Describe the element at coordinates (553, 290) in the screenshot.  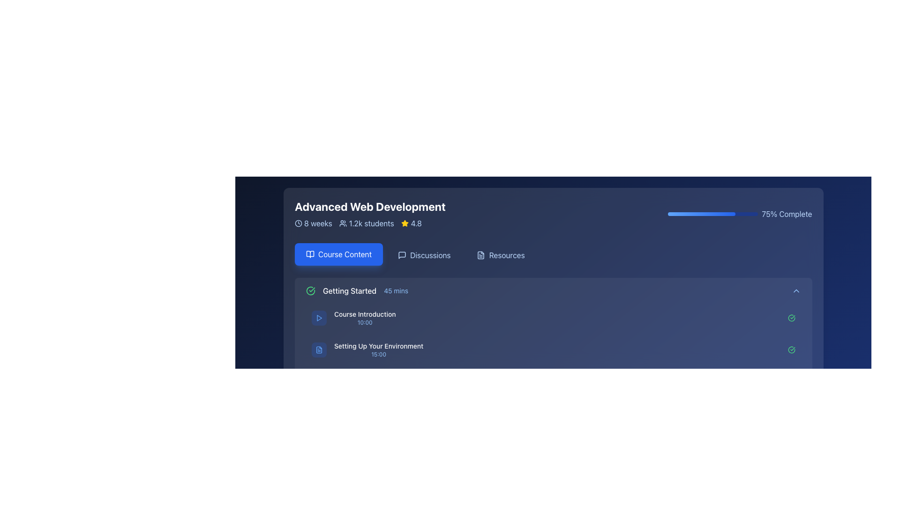
I see `the first item in the vertical list under the 'Course Content' tab` at that location.